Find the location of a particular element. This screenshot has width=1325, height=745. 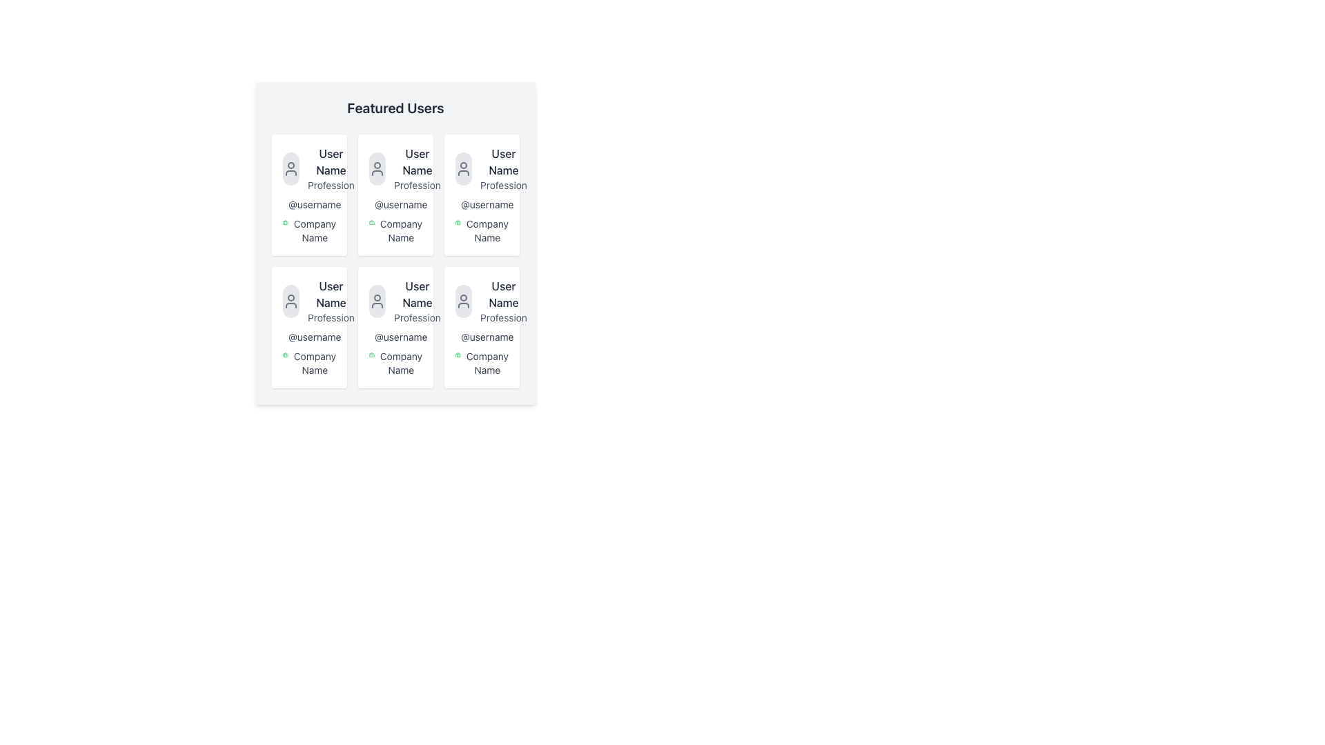

the text display element that shows the user's name and profession in the 'Featured Users' section, located in the second tile of the first row is located at coordinates (416, 168).